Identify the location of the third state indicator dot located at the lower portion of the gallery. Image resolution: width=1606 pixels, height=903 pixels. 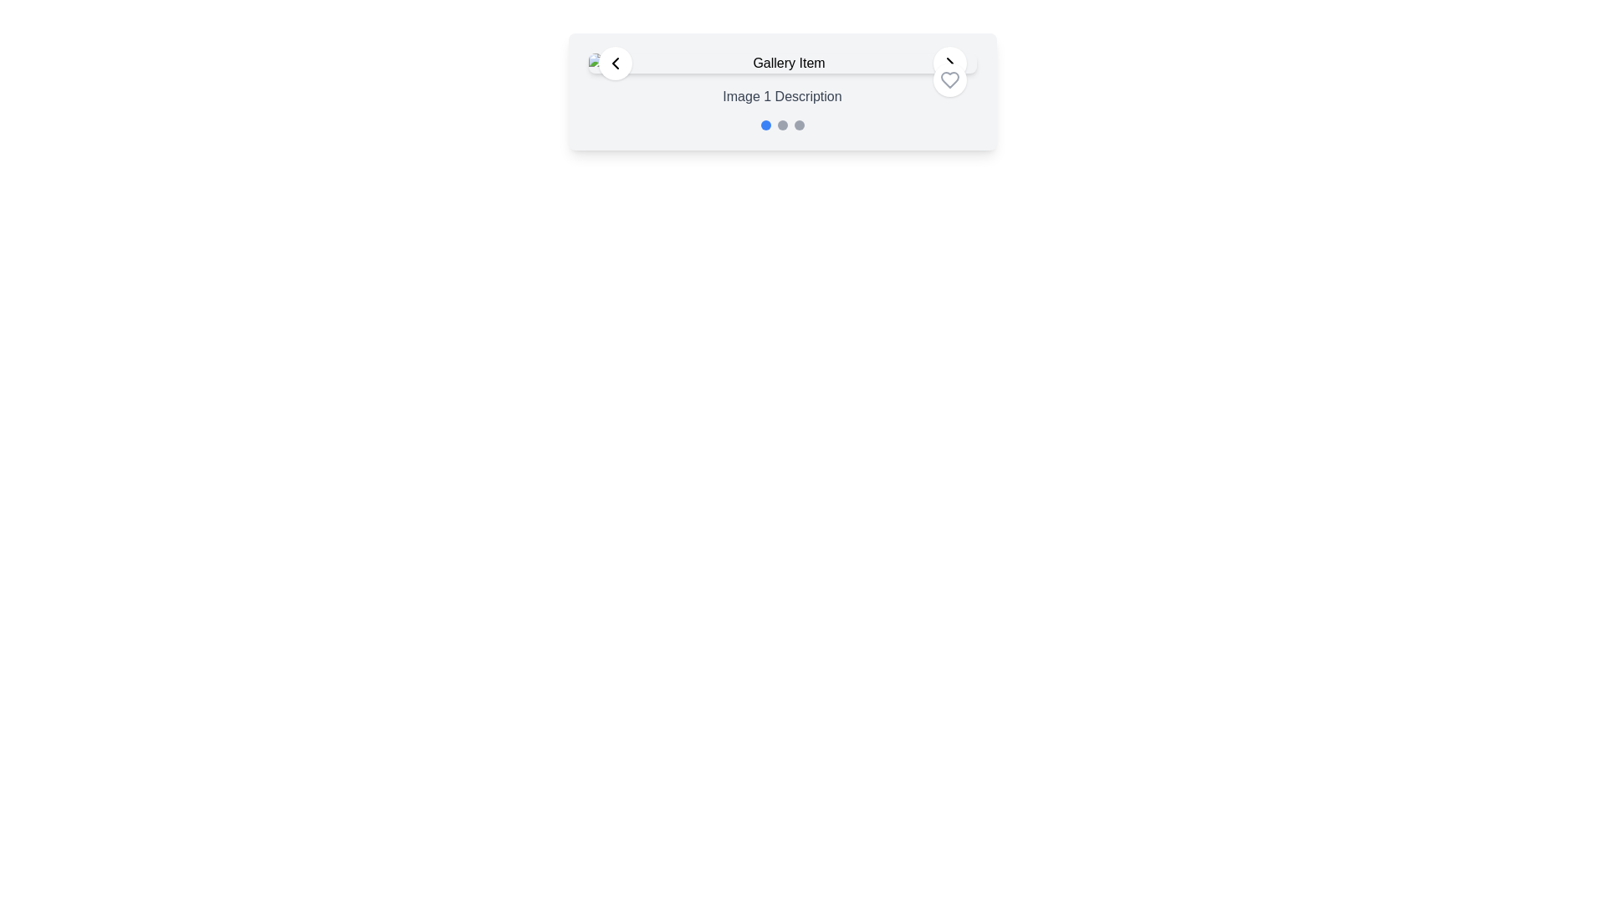
(798, 125).